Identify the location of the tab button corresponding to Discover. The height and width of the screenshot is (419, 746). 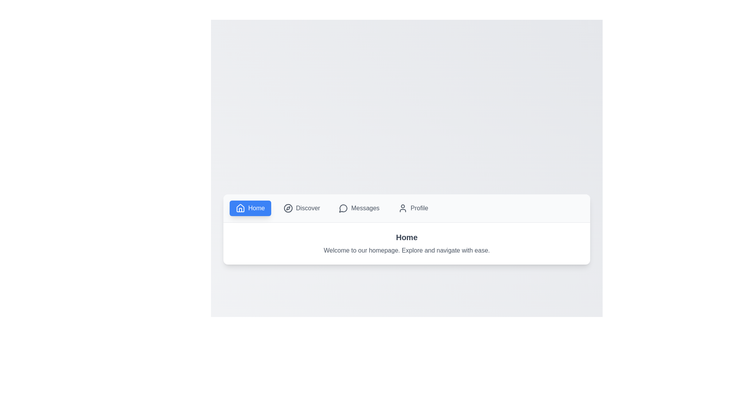
(301, 208).